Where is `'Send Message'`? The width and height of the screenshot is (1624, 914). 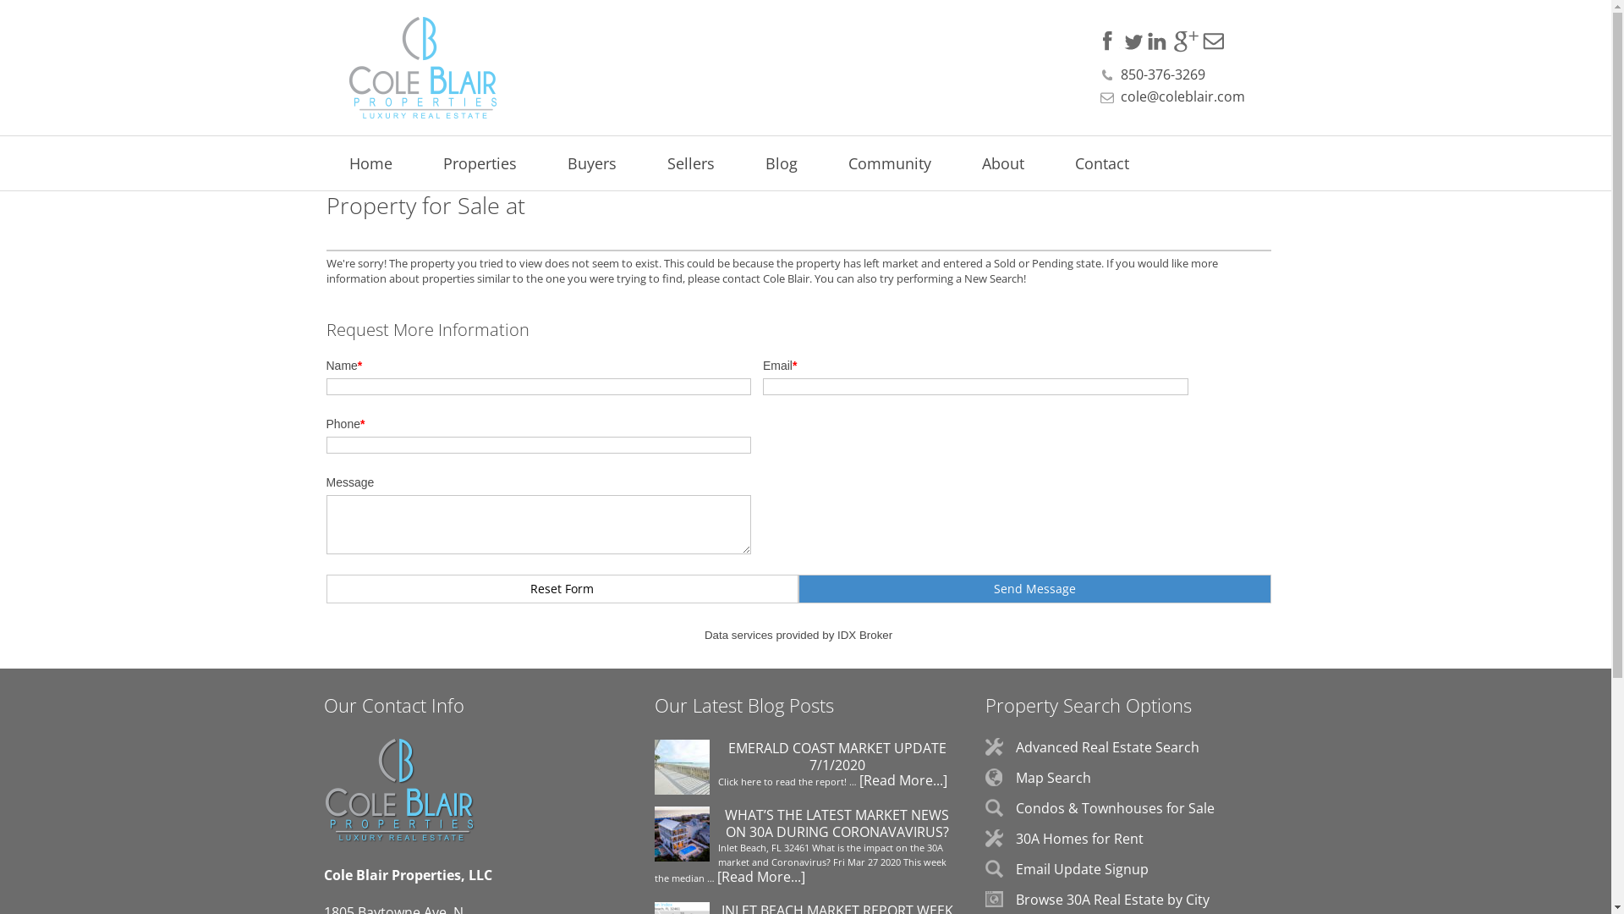 'Send Message' is located at coordinates (1034, 587).